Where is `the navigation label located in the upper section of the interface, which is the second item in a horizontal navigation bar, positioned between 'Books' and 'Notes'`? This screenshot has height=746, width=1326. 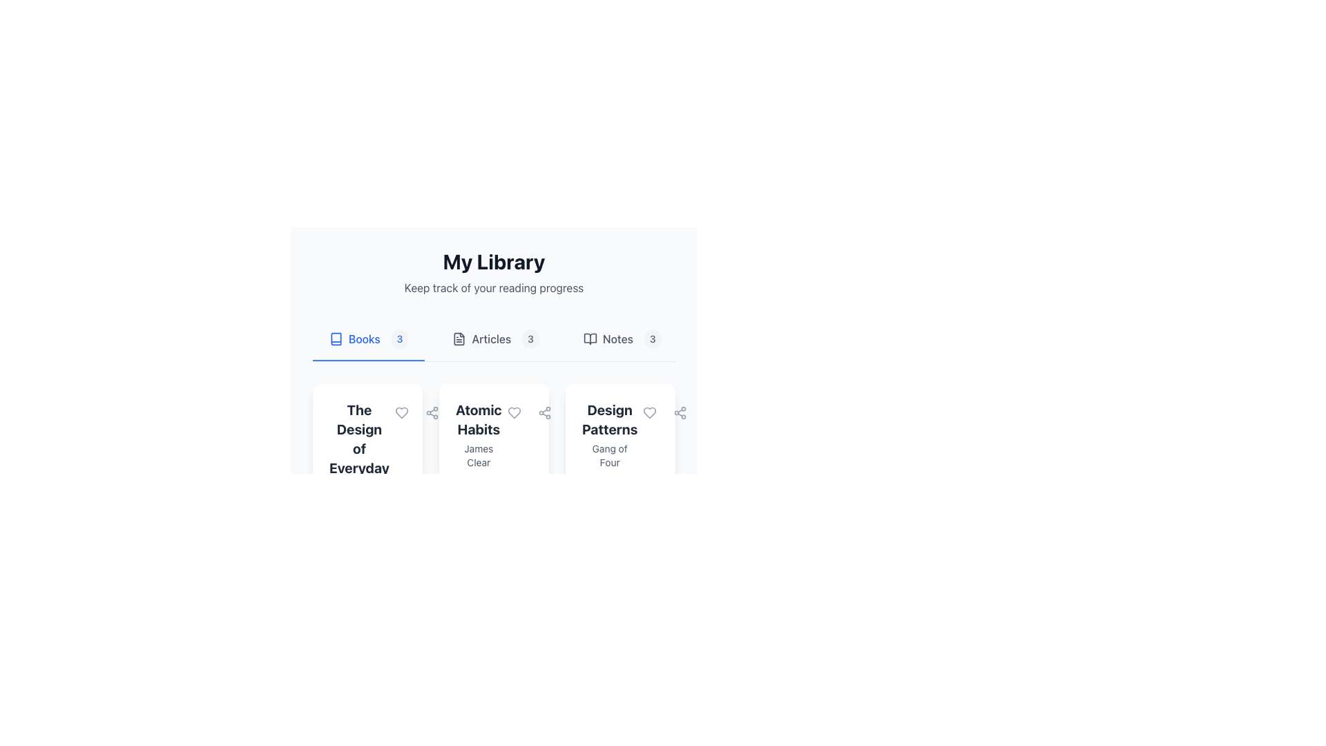
the navigation label located in the upper section of the interface, which is the second item in a horizontal navigation bar, positioned between 'Books' and 'Notes' is located at coordinates (491, 338).